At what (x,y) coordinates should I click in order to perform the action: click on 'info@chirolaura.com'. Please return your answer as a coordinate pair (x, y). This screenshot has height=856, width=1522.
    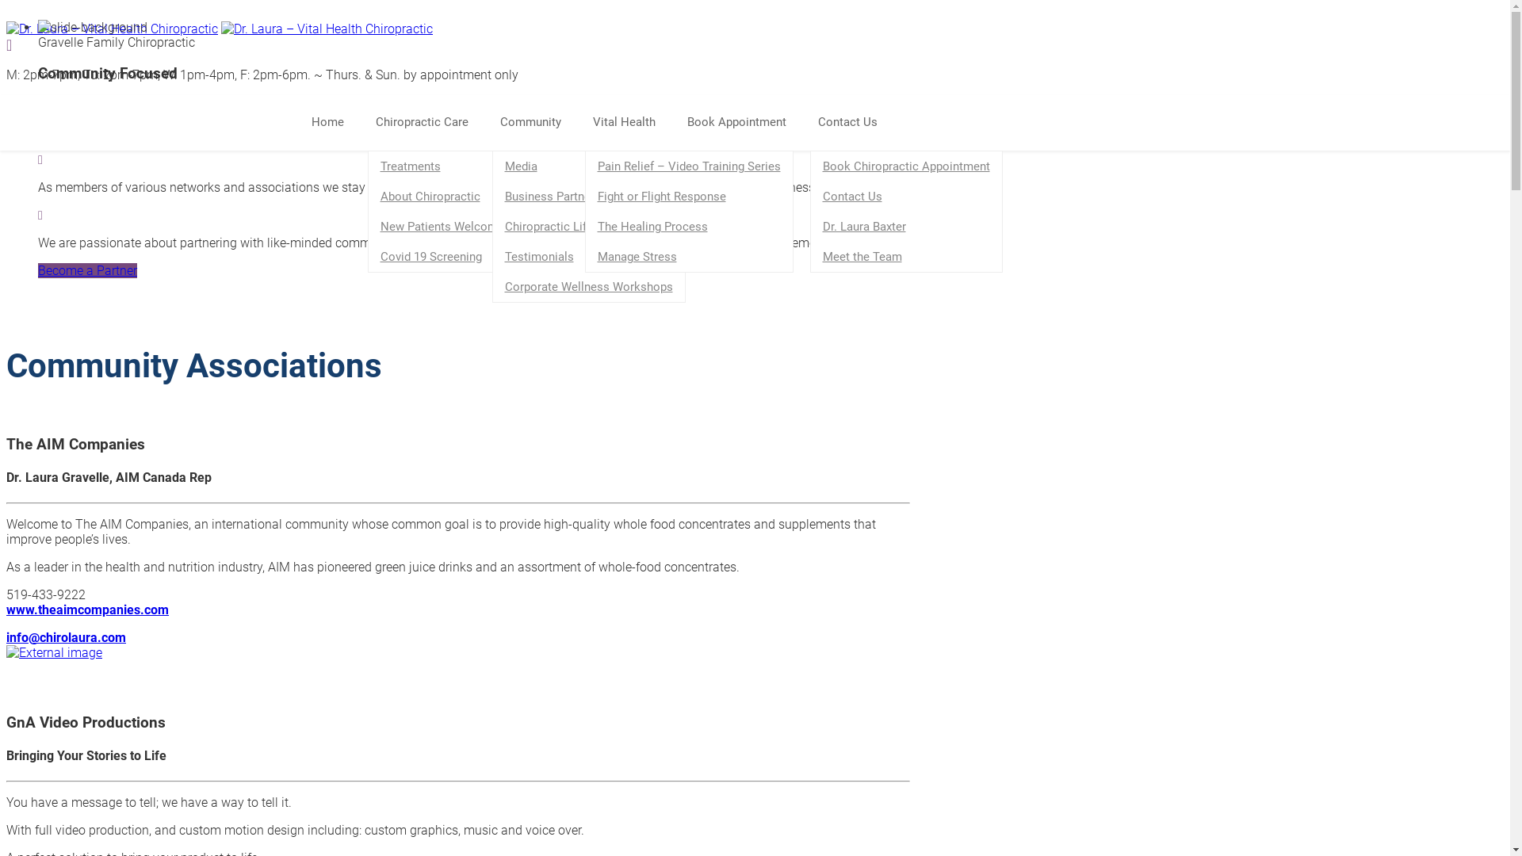
    Looking at the image, I should click on (65, 636).